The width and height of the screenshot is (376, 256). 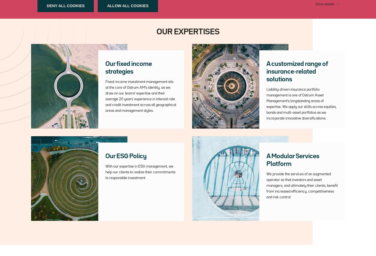 What do you see at coordinates (309, 10) in the screenshot?
I see `'An affiliate of'` at bounding box center [309, 10].